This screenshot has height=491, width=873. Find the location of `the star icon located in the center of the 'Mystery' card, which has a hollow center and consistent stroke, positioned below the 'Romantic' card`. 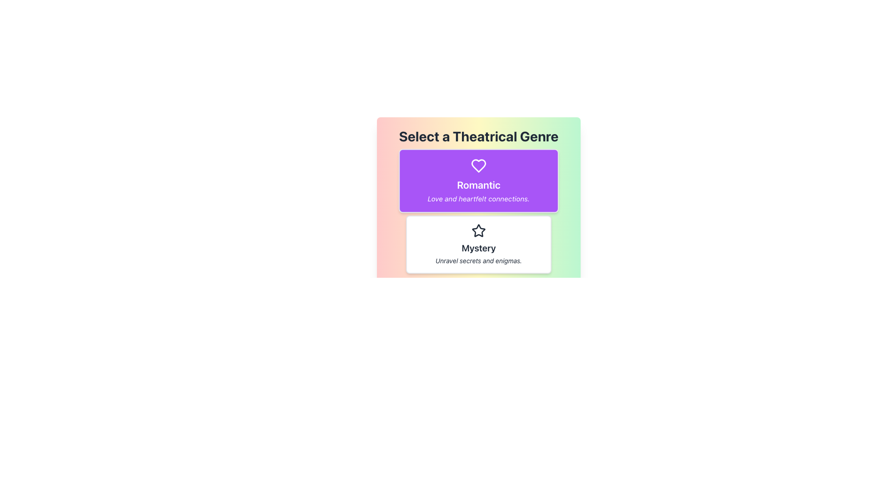

the star icon located in the center of the 'Mystery' card, which has a hollow center and consistent stroke, positioned below the 'Romantic' card is located at coordinates (478, 230).